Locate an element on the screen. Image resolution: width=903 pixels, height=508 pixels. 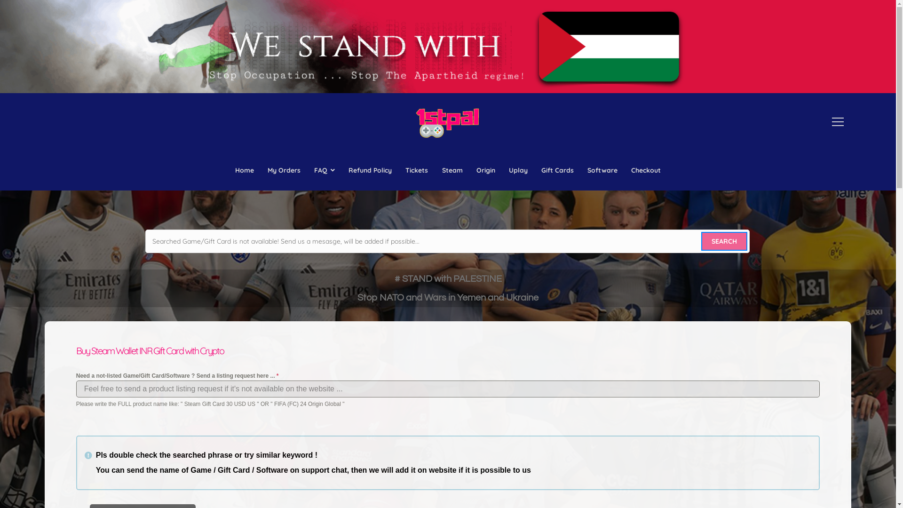
'Steam' is located at coordinates (452, 170).